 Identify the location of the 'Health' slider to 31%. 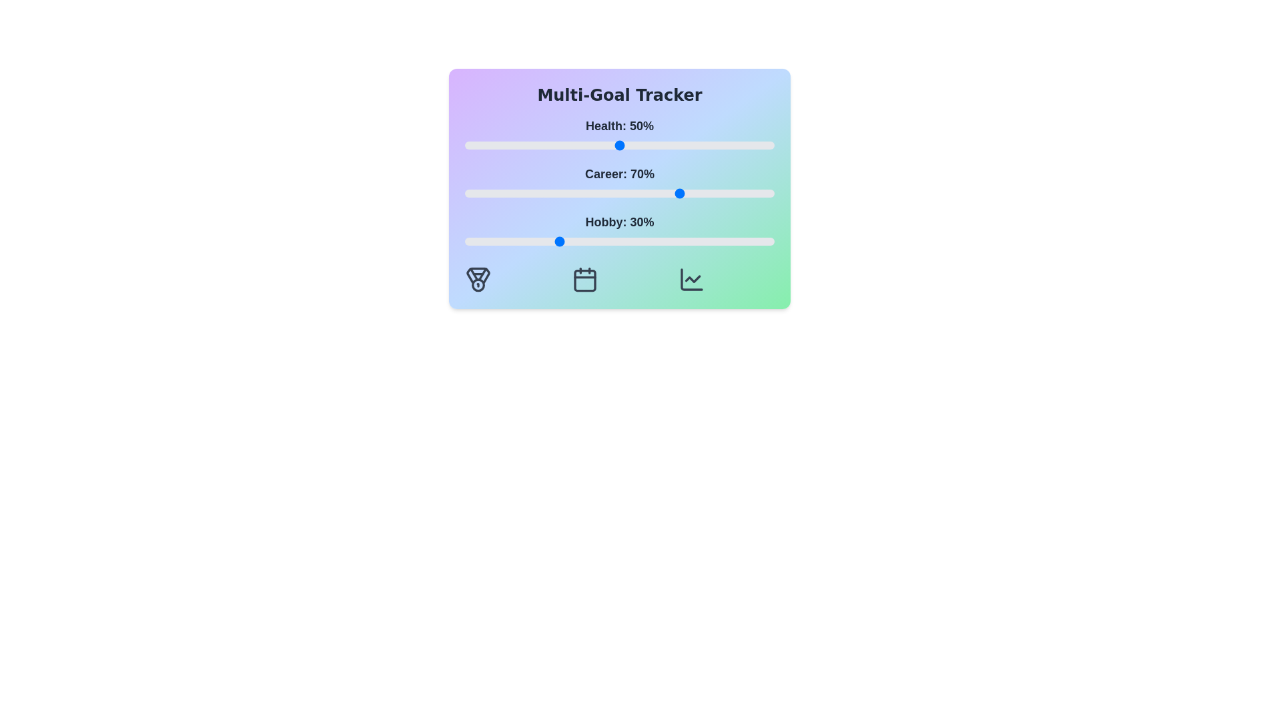
(560, 146).